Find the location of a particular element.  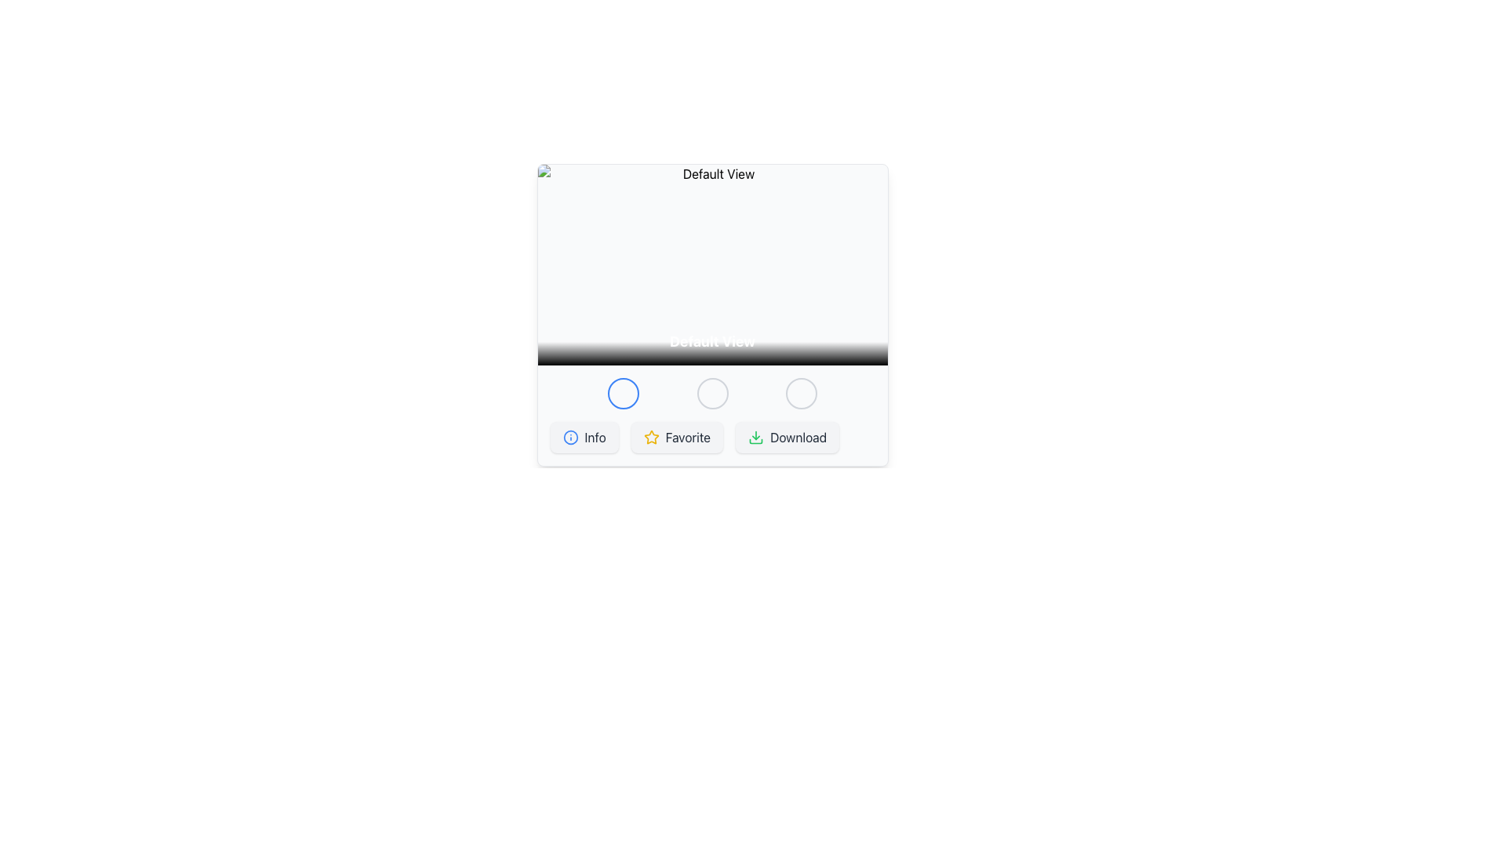

the small circular profile image with an orange background and a light gray rounded border, which is the third in a row of three similar images is located at coordinates (802, 392).